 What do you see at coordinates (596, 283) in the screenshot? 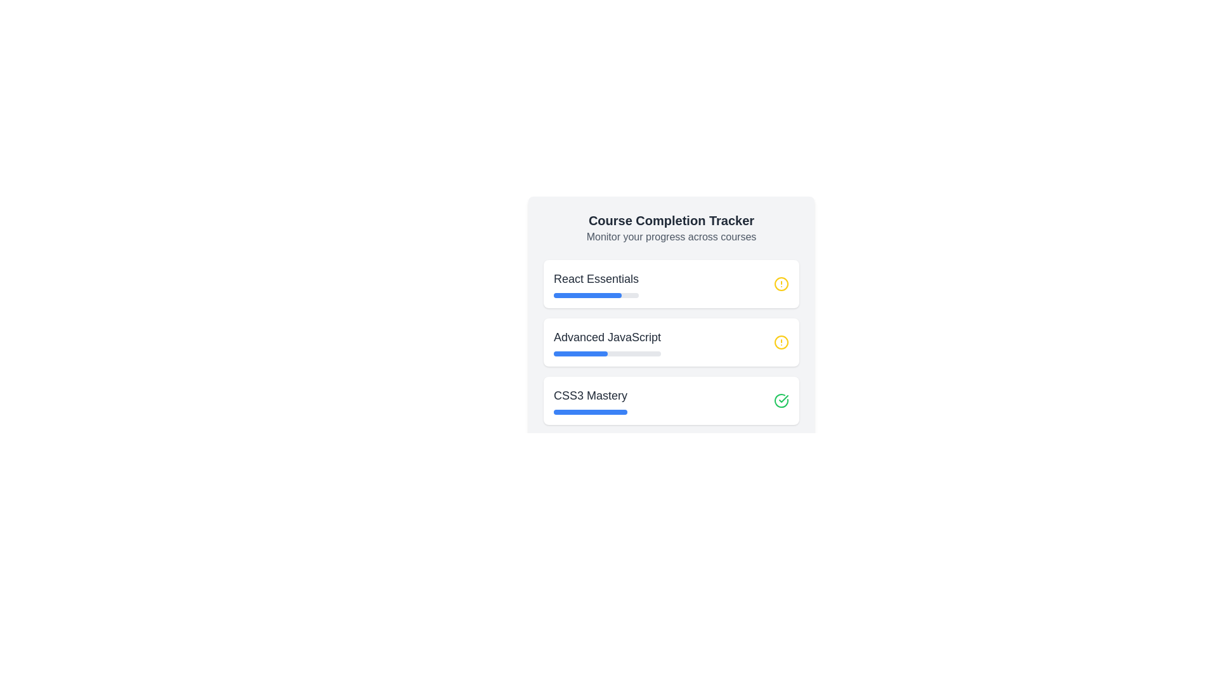
I see `or click on the progress bar of the 'React Essentials' List Item with Progress Indicator` at bounding box center [596, 283].